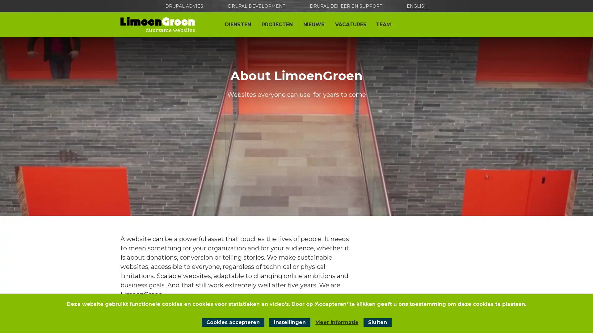 Image resolution: width=593 pixels, height=333 pixels. I want to click on Sluit cookiemelding, so click(377, 322).